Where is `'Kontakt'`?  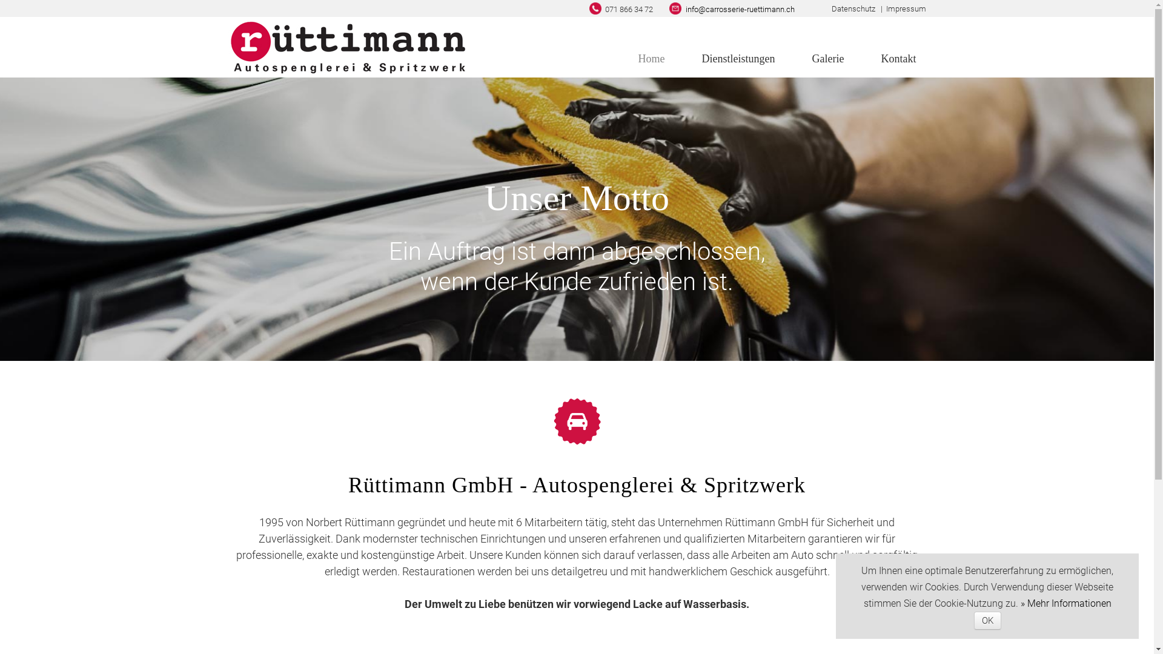
'Kontakt' is located at coordinates (898, 58).